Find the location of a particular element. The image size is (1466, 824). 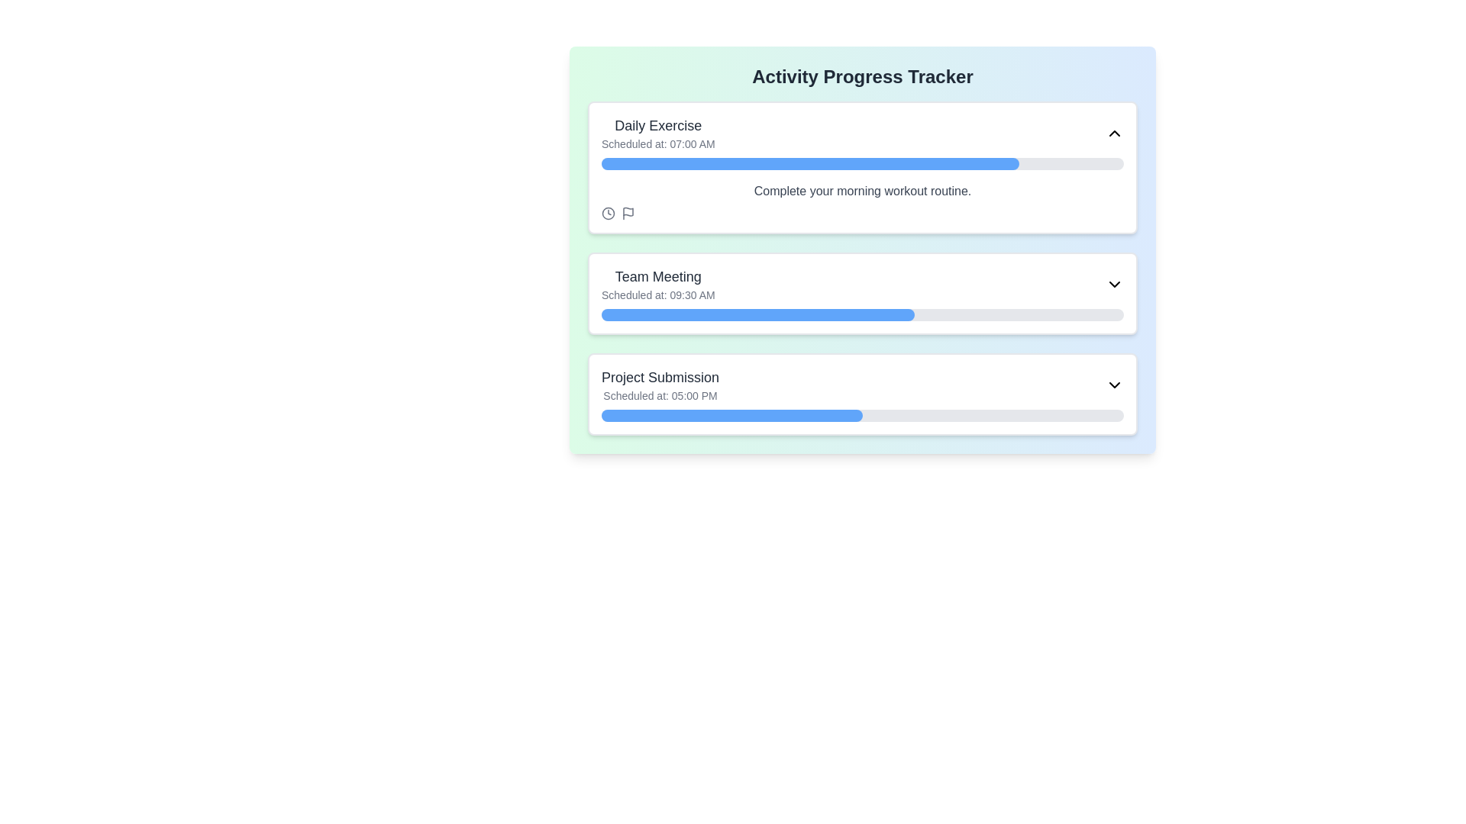

the SVG circle element located within the first list item labeled 'Daily Exercise', which serves as a decorative or informative graphical representation for a clock icon placed to the left of the progress bar is located at coordinates (607, 214).